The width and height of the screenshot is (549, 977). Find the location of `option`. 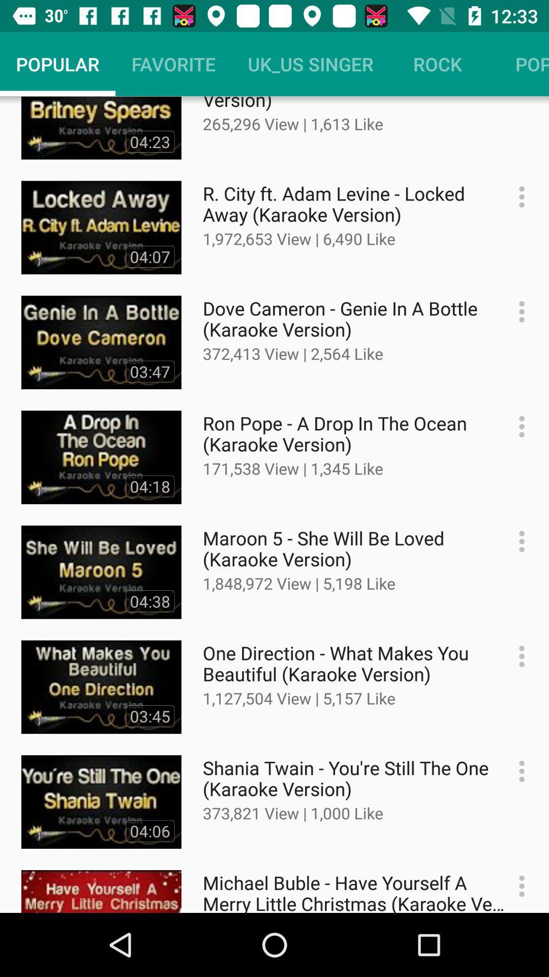

option is located at coordinates (516, 656).